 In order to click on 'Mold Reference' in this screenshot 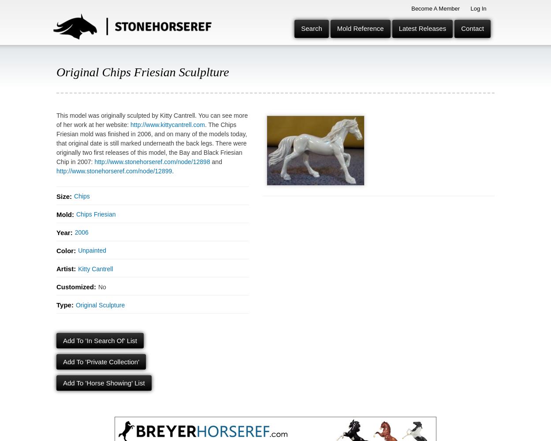, I will do `click(360, 28)`.